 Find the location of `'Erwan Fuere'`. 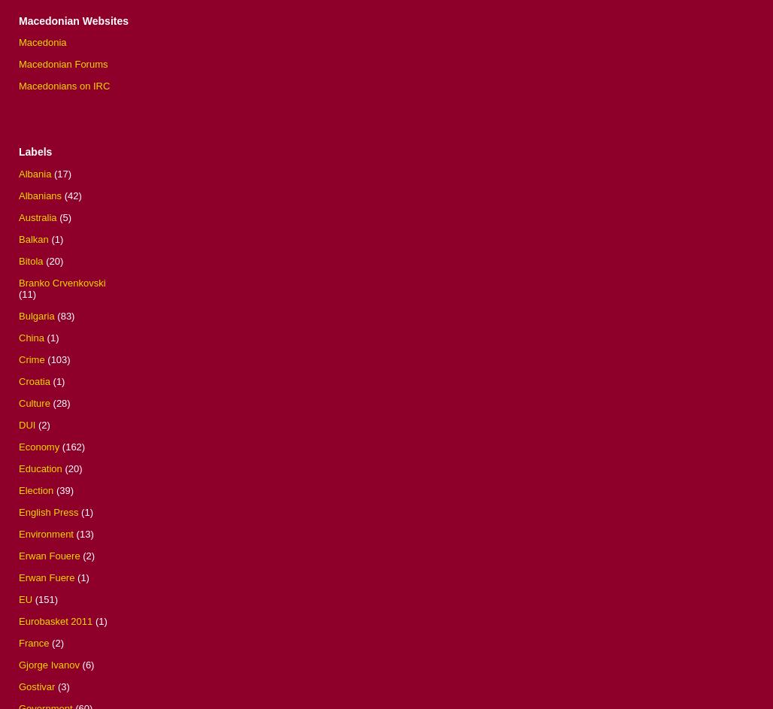

'Erwan Fuere' is located at coordinates (46, 577).